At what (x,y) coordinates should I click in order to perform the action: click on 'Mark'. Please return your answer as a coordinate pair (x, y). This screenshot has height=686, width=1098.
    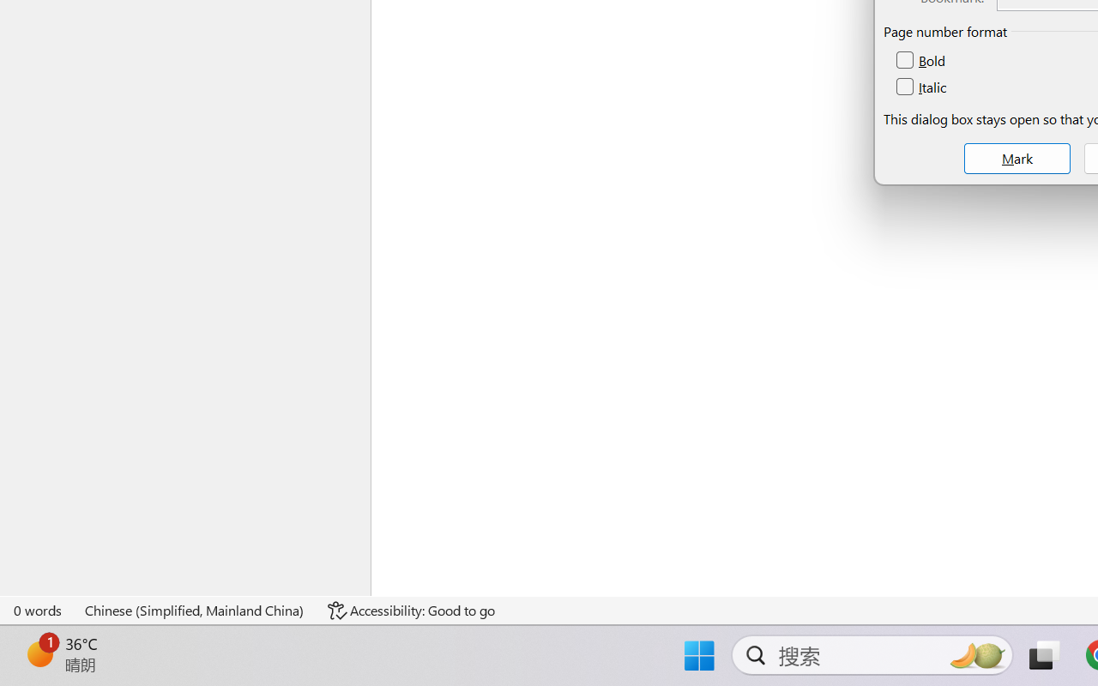
    Looking at the image, I should click on (1017, 158).